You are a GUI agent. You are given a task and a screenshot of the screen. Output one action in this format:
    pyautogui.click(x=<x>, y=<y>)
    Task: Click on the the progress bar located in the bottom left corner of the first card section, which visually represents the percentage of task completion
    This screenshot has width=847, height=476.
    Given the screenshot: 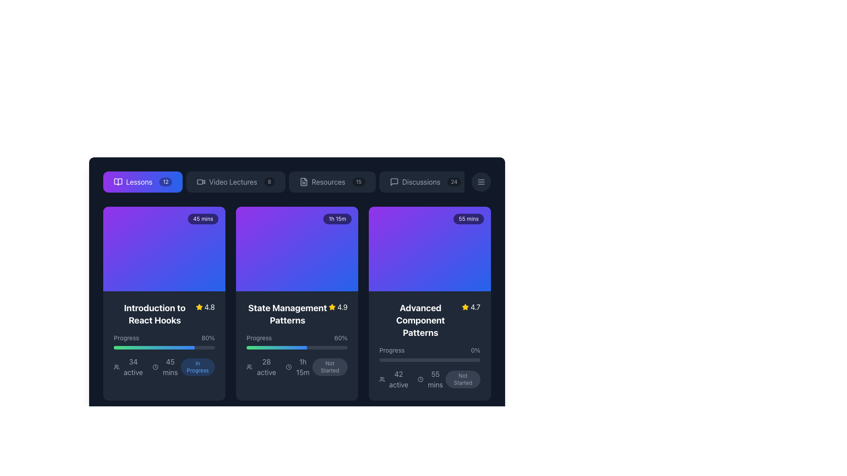 What is the action you would take?
    pyautogui.click(x=154, y=347)
    